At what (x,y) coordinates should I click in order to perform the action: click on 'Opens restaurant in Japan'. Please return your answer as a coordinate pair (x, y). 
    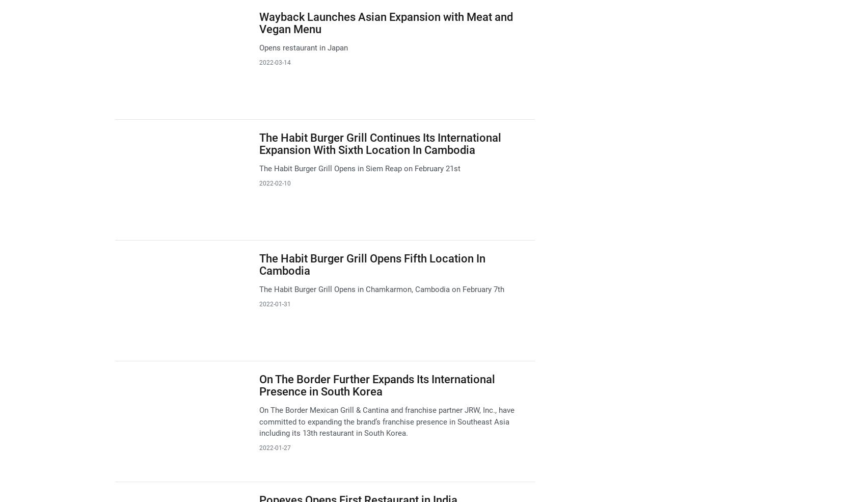
    Looking at the image, I should click on (303, 47).